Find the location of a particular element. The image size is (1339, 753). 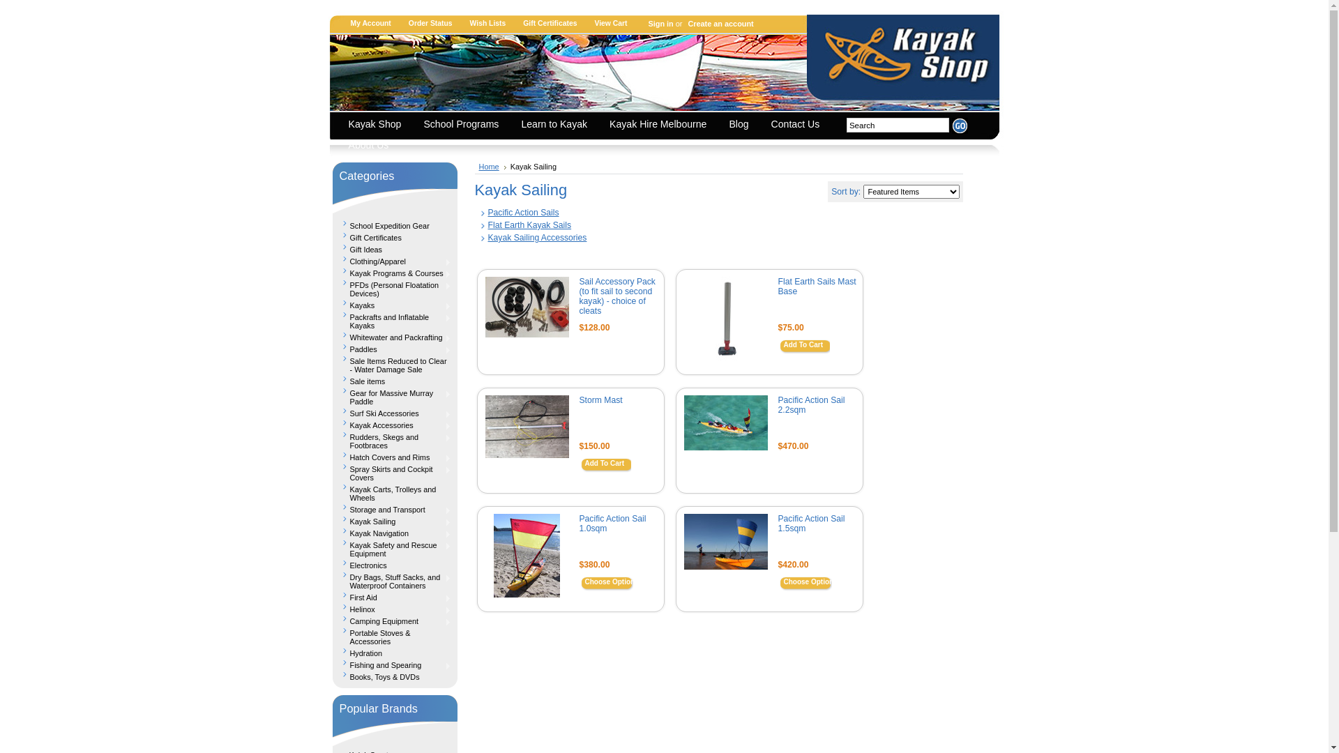

'Kayak Hire Melbourne' is located at coordinates (660, 125).